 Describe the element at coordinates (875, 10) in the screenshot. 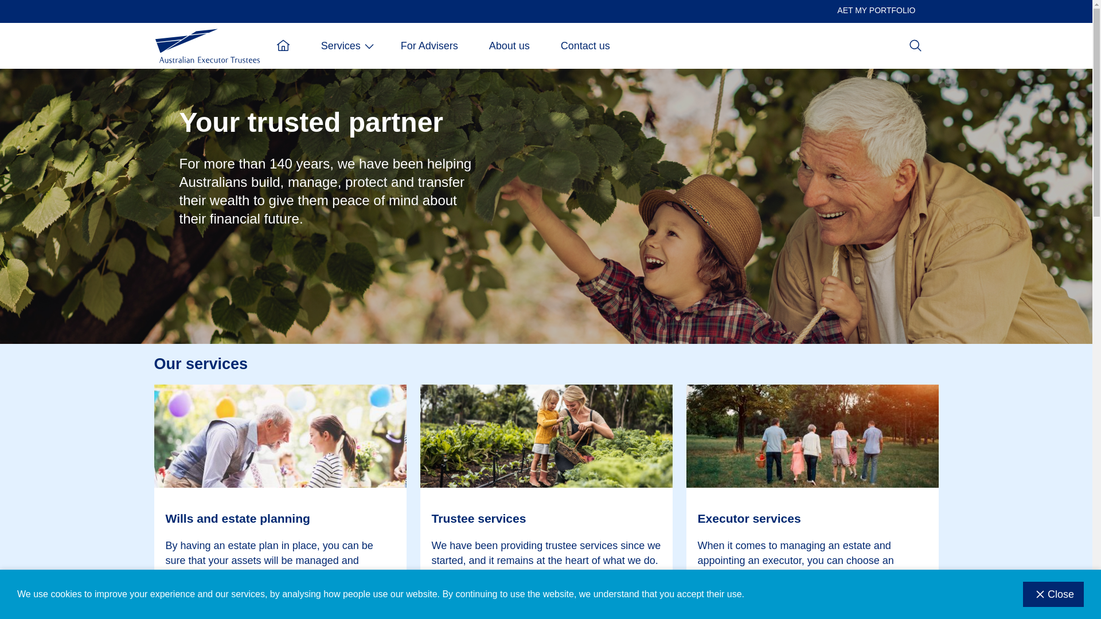

I see `'AET MY PORTFOLIO'` at that location.